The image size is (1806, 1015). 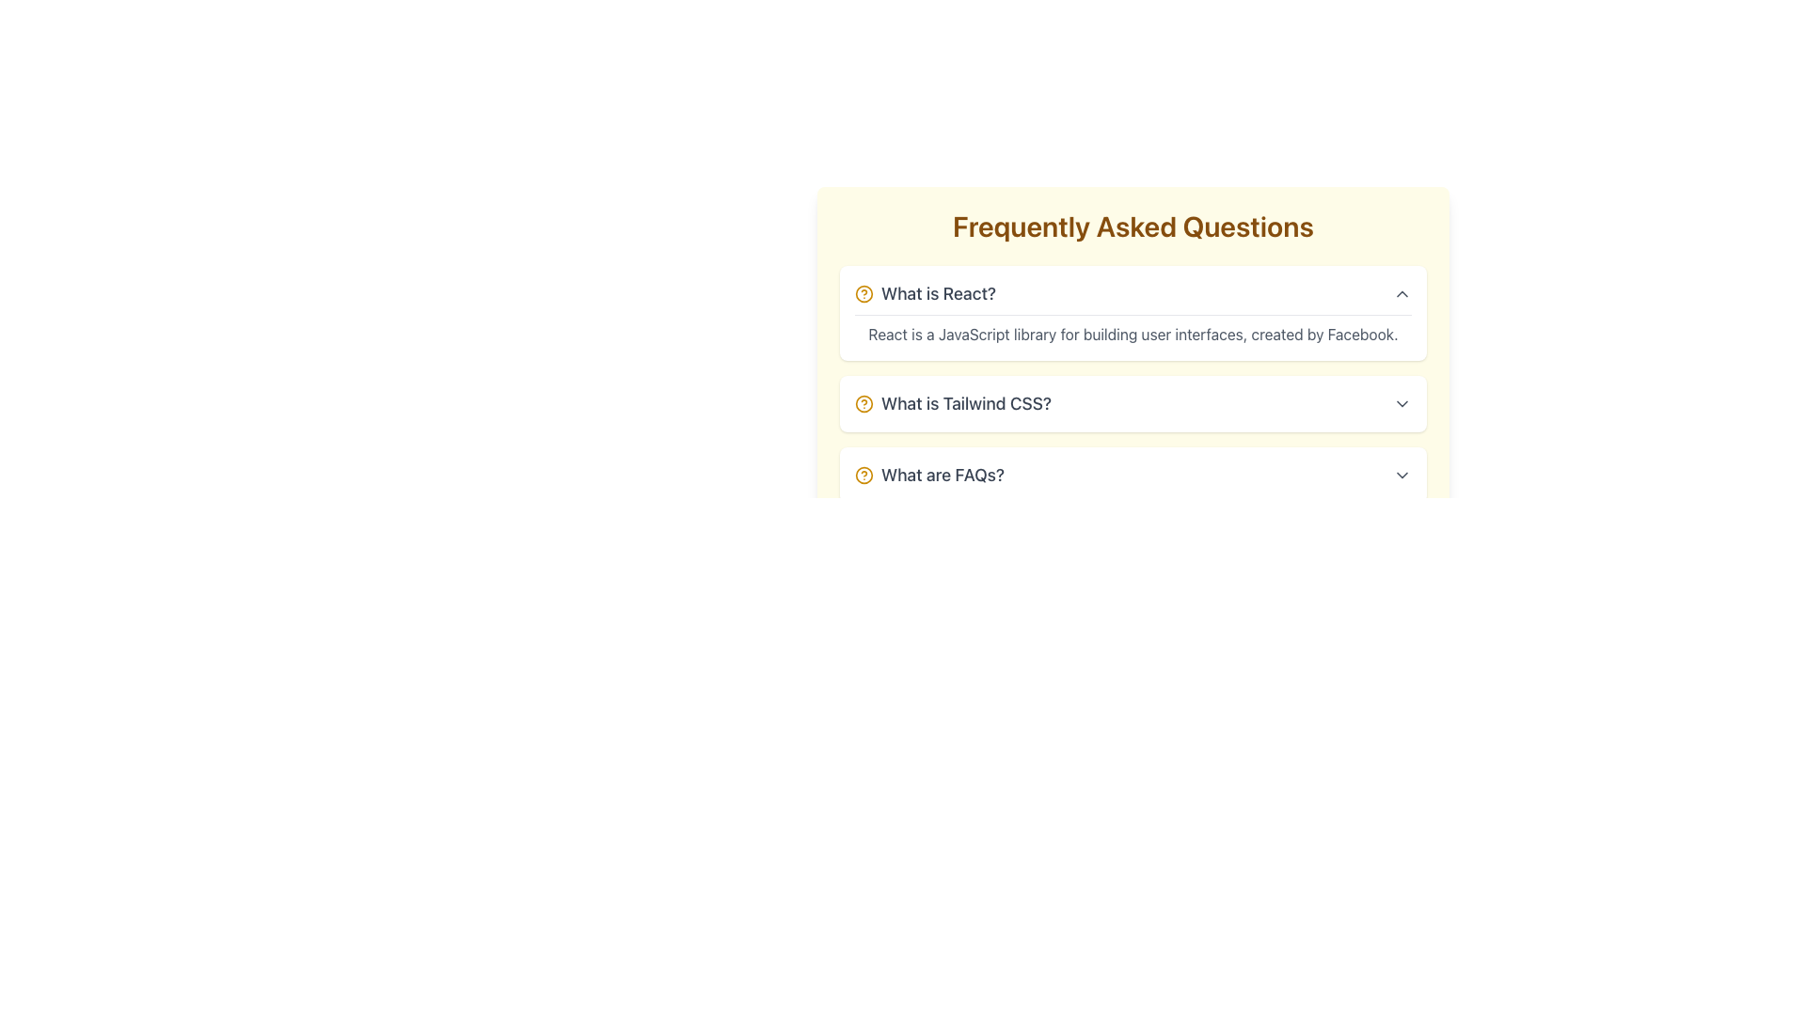 I want to click on the downward chevron icon positioned to the far right of the row labeled 'What is Tailwind CSS?', so click(x=1402, y=402).